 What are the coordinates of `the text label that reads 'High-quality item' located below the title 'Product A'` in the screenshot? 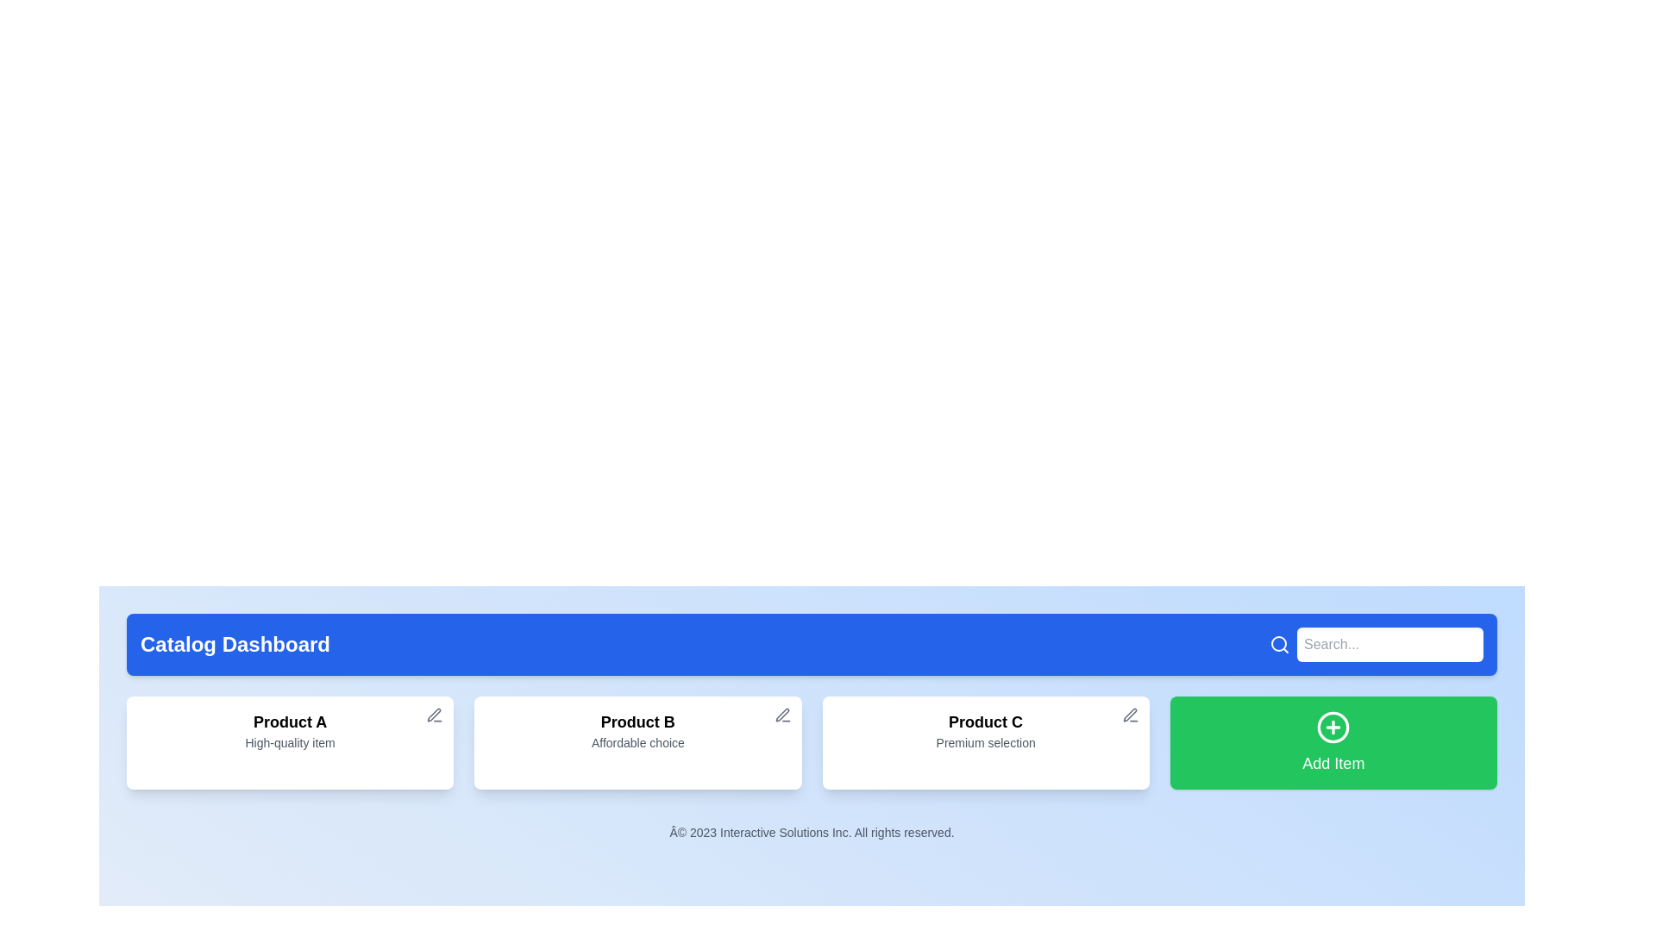 It's located at (290, 741).